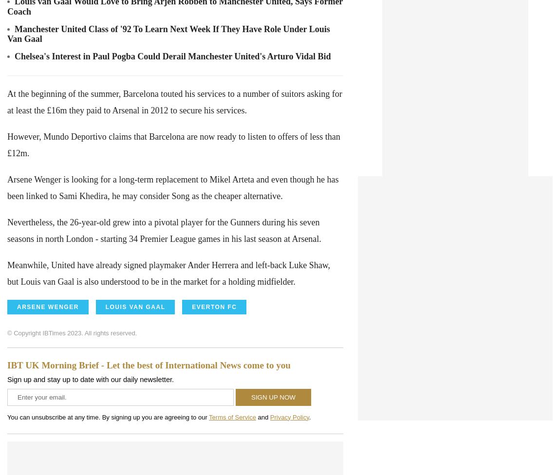 This screenshot has height=475, width=560. What do you see at coordinates (6, 365) in the screenshot?
I see `'IBT UK Morning Brief - Let the best of International News come to you'` at bounding box center [6, 365].